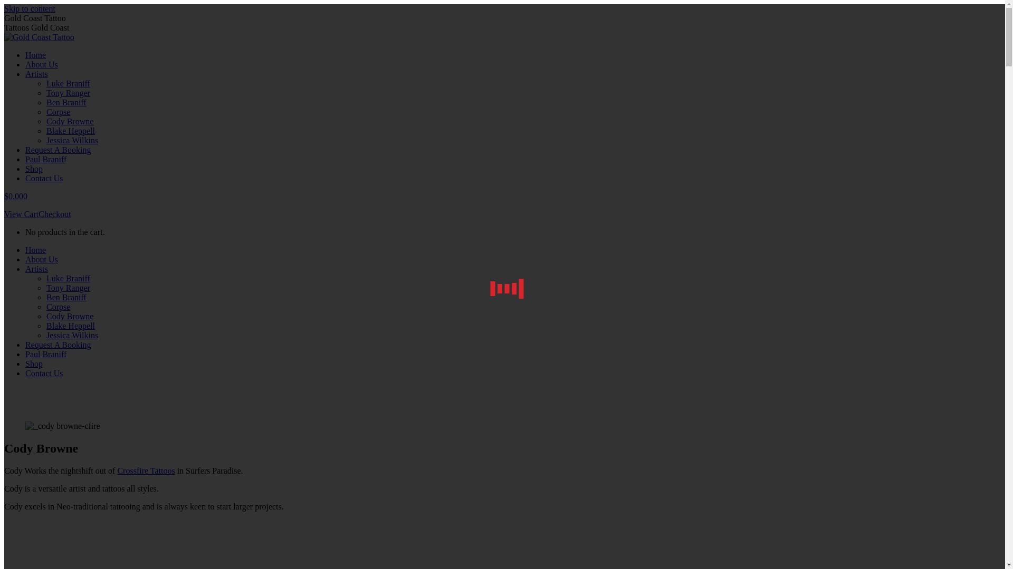 This screenshot has width=1013, height=569. Describe the element at coordinates (45, 92) in the screenshot. I see `'Tony Ranger'` at that location.